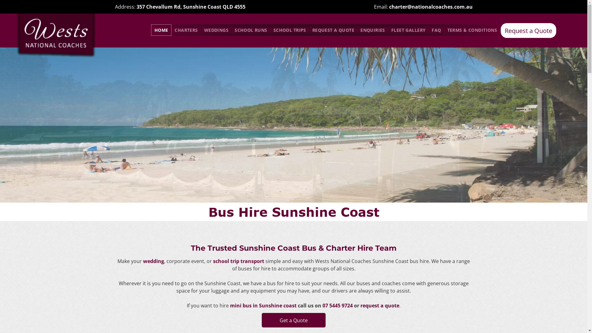 Image resolution: width=592 pixels, height=333 pixels. What do you see at coordinates (430, 7) in the screenshot?
I see `'charter@nationalcoaches.com.au'` at bounding box center [430, 7].